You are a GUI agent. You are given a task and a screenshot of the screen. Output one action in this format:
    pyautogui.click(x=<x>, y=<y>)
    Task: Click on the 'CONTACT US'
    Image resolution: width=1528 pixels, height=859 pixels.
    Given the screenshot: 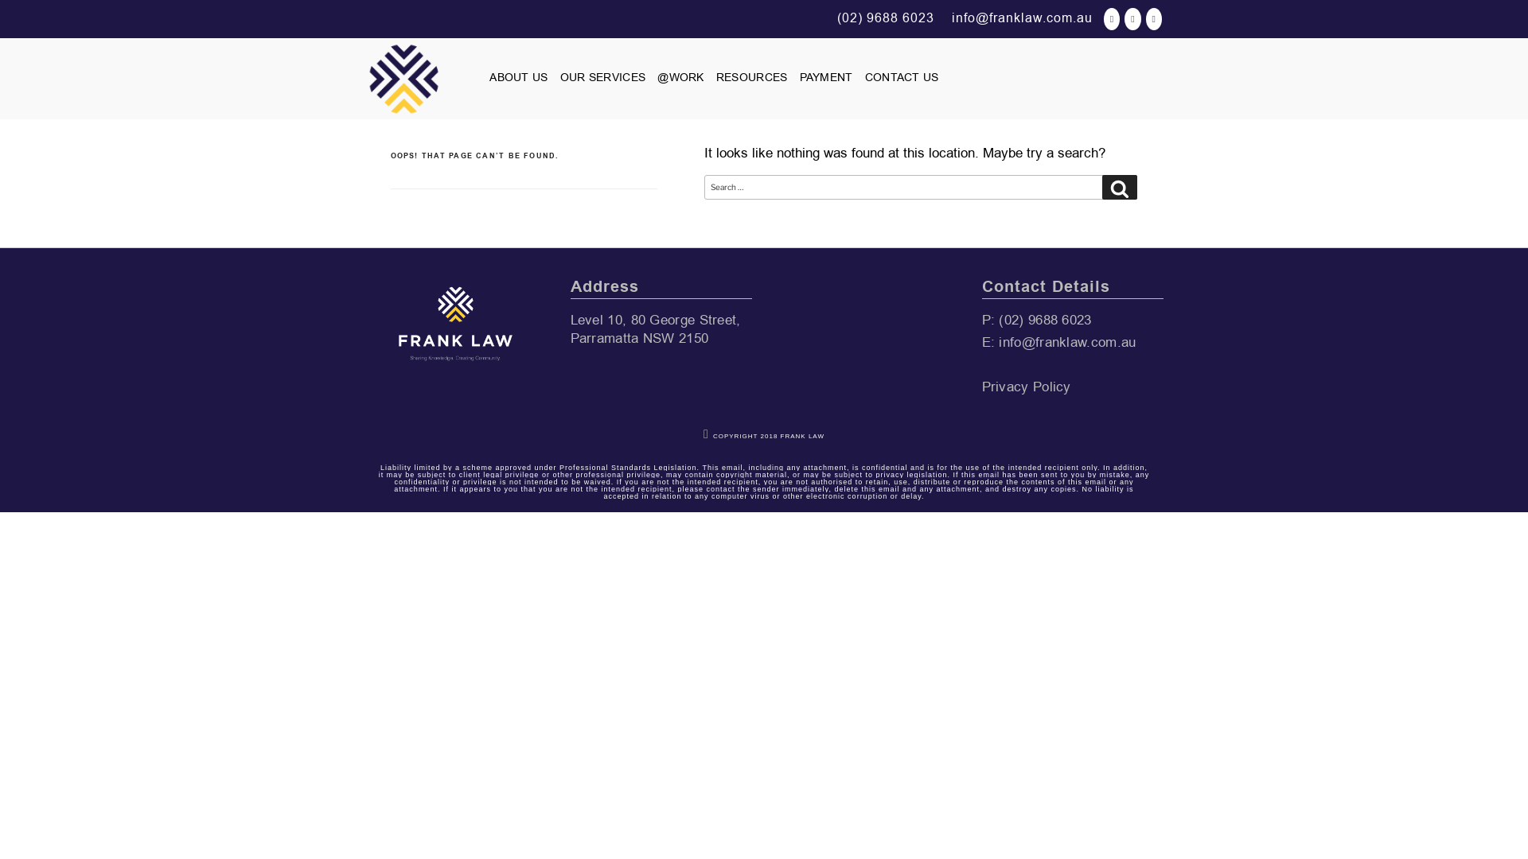 What is the action you would take?
    pyautogui.click(x=902, y=78)
    